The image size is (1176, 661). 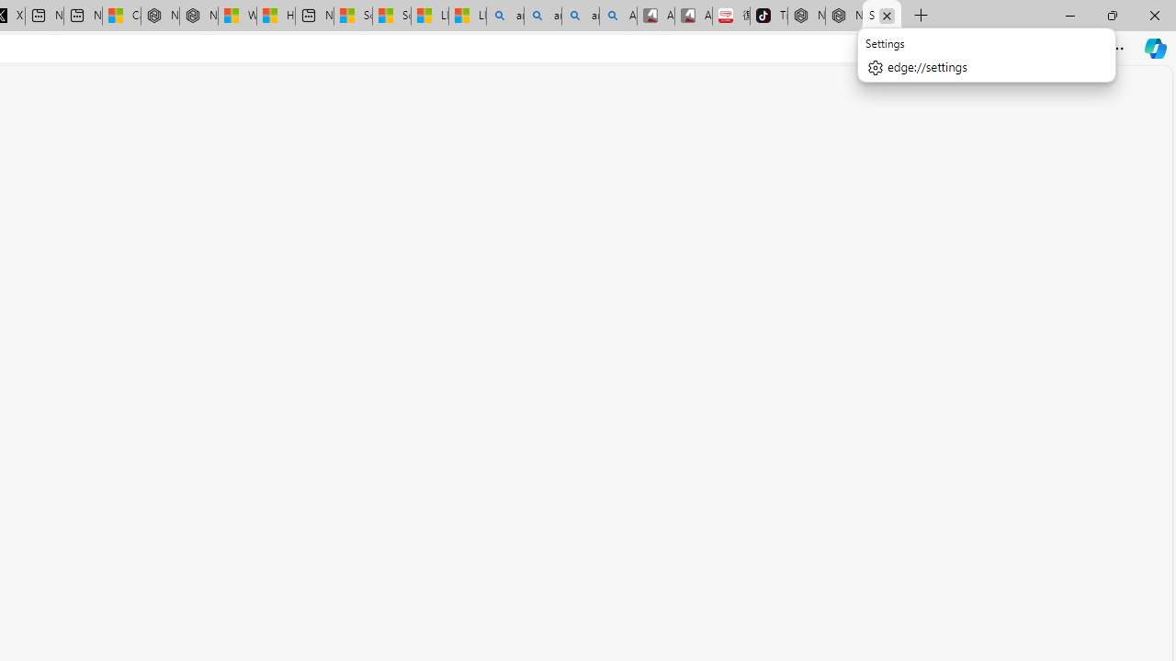 I want to click on 'Nordace - Best Sellers', so click(x=807, y=16).